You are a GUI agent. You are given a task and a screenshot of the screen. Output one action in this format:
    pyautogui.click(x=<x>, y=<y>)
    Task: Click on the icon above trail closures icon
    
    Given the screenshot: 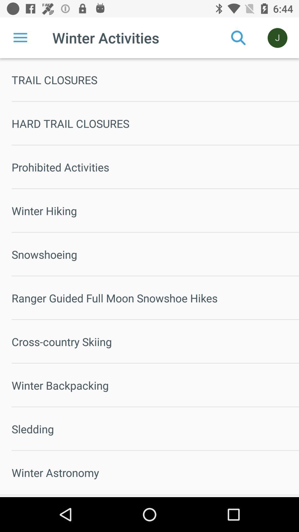 What is the action you would take?
    pyautogui.click(x=20, y=37)
    